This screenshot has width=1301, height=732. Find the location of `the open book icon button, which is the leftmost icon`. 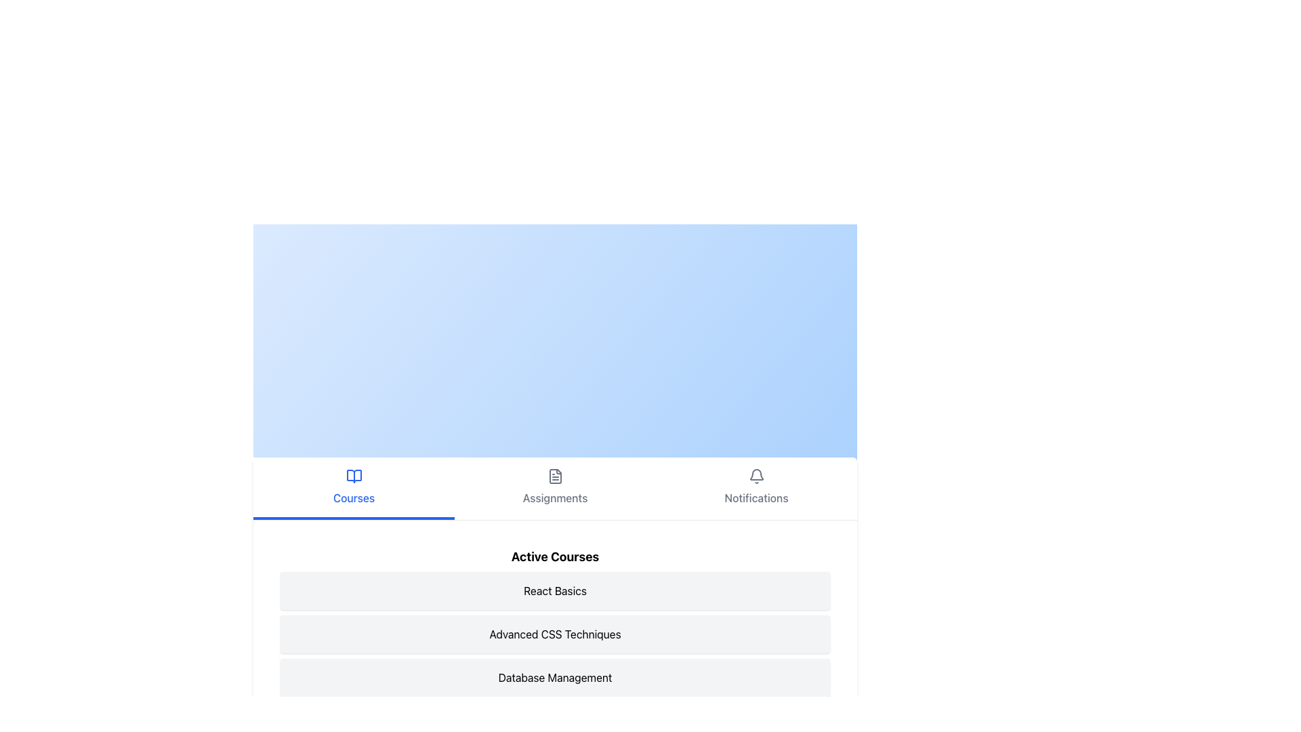

the open book icon button, which is the leftmost icon is located at coordinates (354, 475).